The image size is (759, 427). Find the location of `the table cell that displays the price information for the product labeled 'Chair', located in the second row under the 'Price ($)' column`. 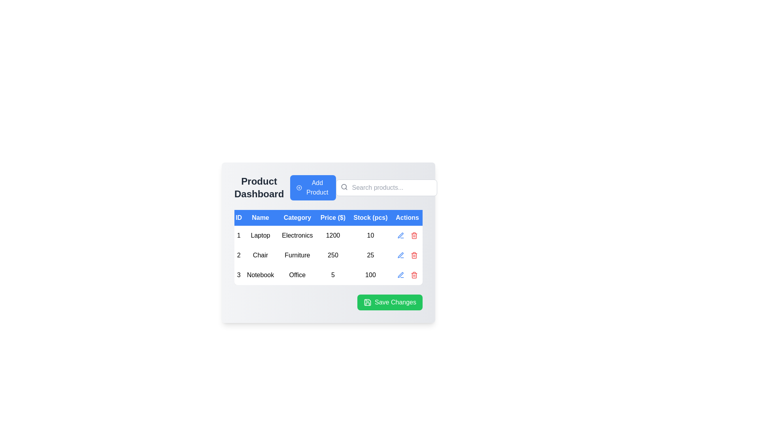

the table cell that displays the price information for the product labeled 'Chair', located in the second row under the 'Price ($)' column is located at coordinates (328, 259).